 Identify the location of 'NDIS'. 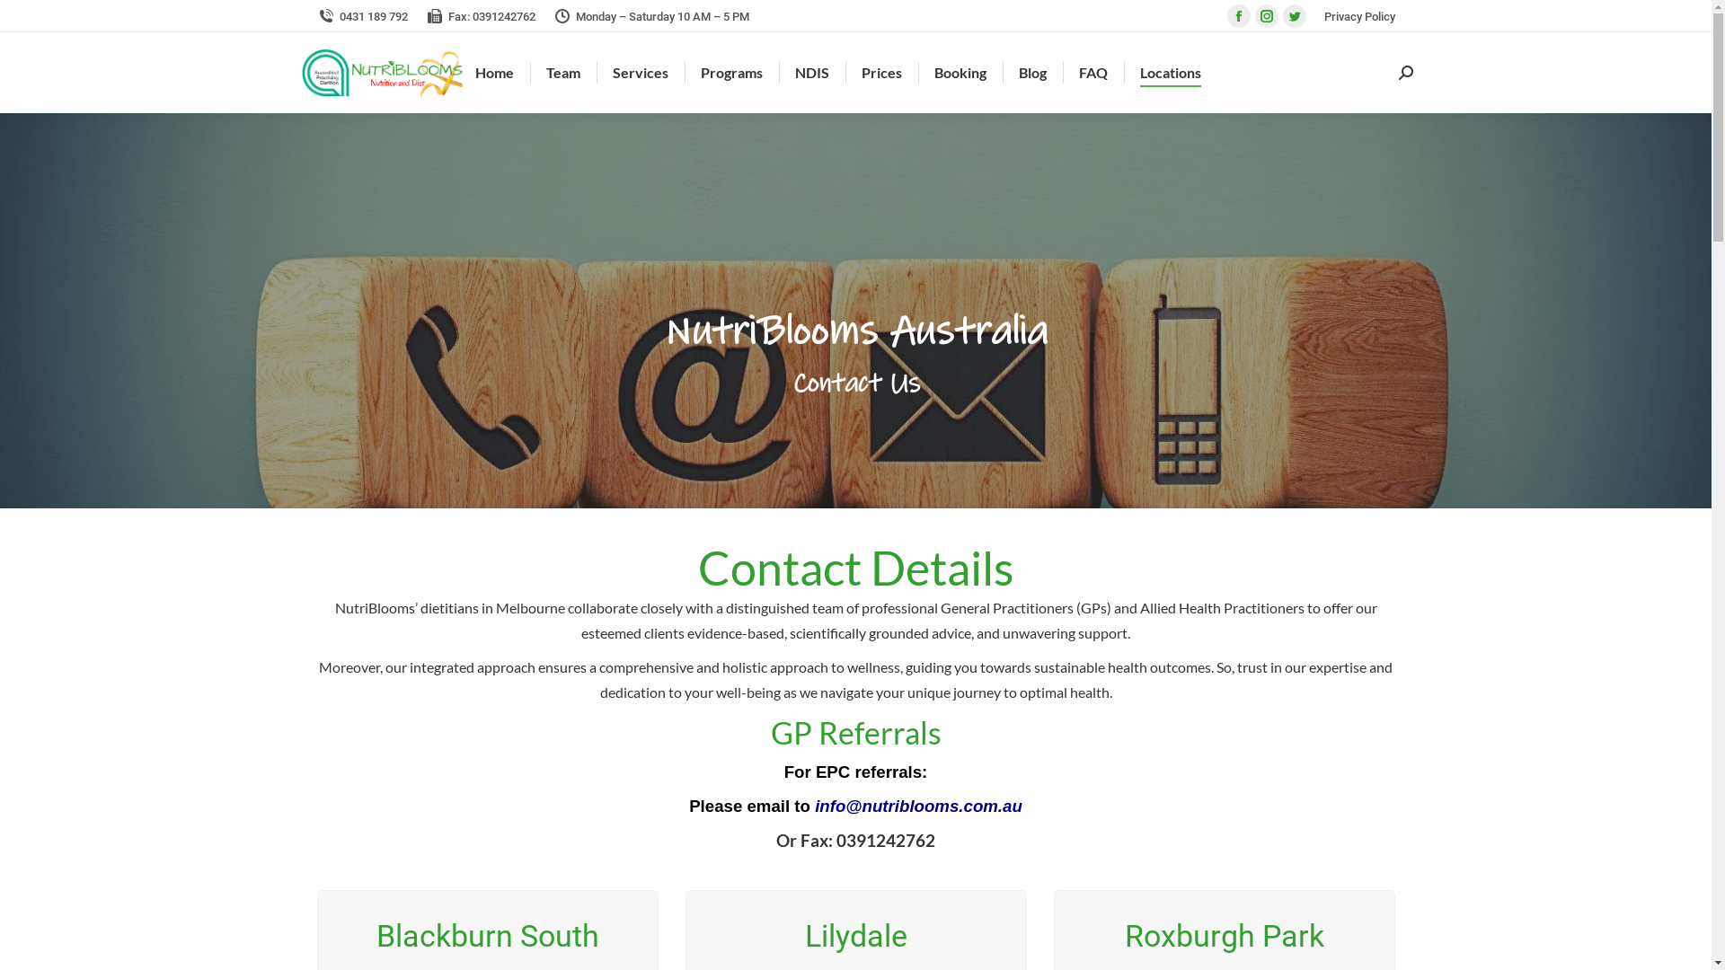
(810, 72).